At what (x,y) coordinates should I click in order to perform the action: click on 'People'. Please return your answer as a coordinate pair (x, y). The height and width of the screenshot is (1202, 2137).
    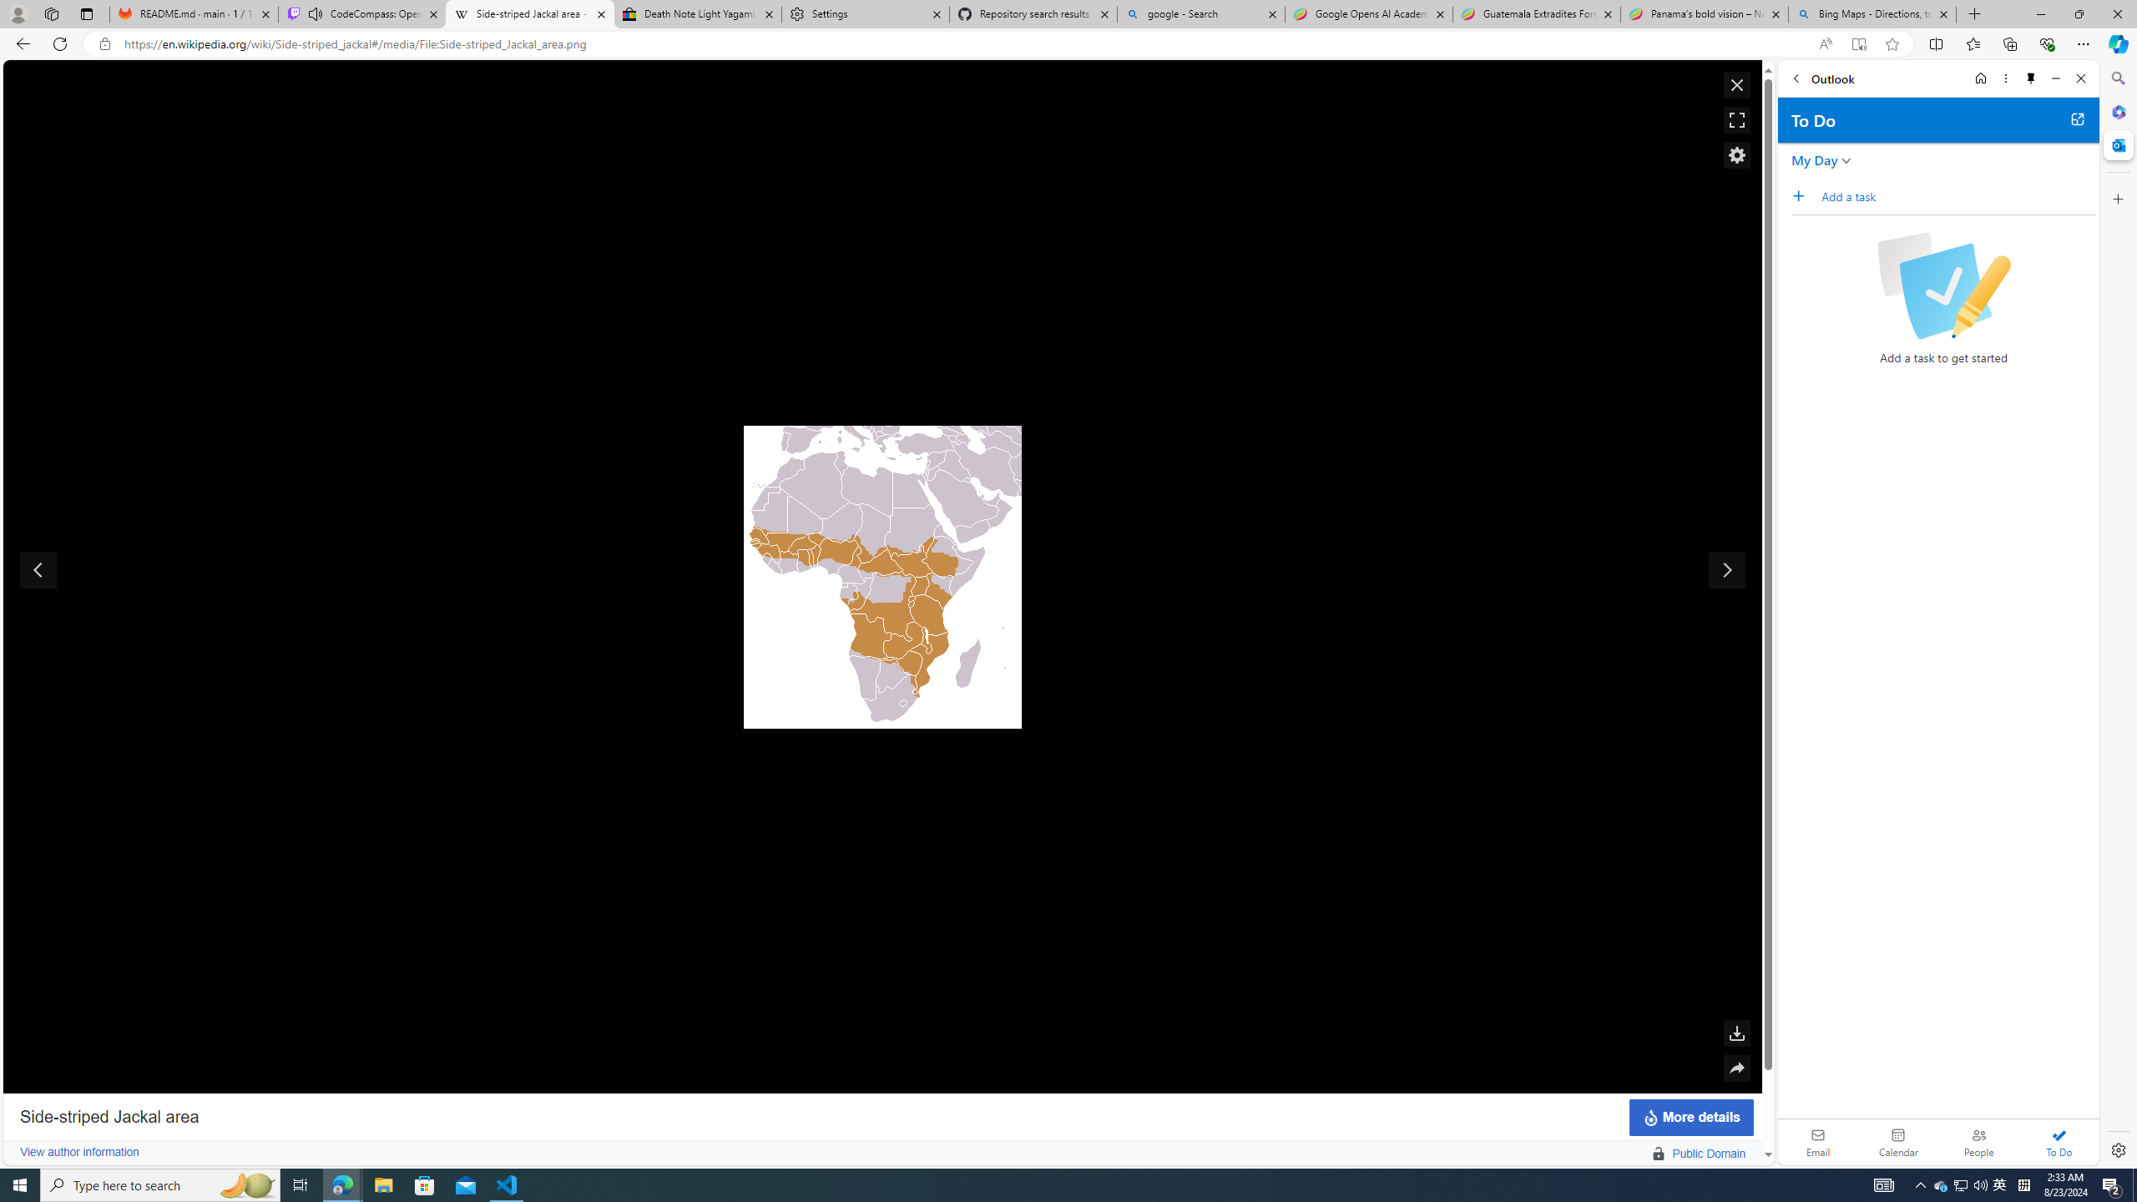
    Looking at the image, I should click on (1978, 1141).